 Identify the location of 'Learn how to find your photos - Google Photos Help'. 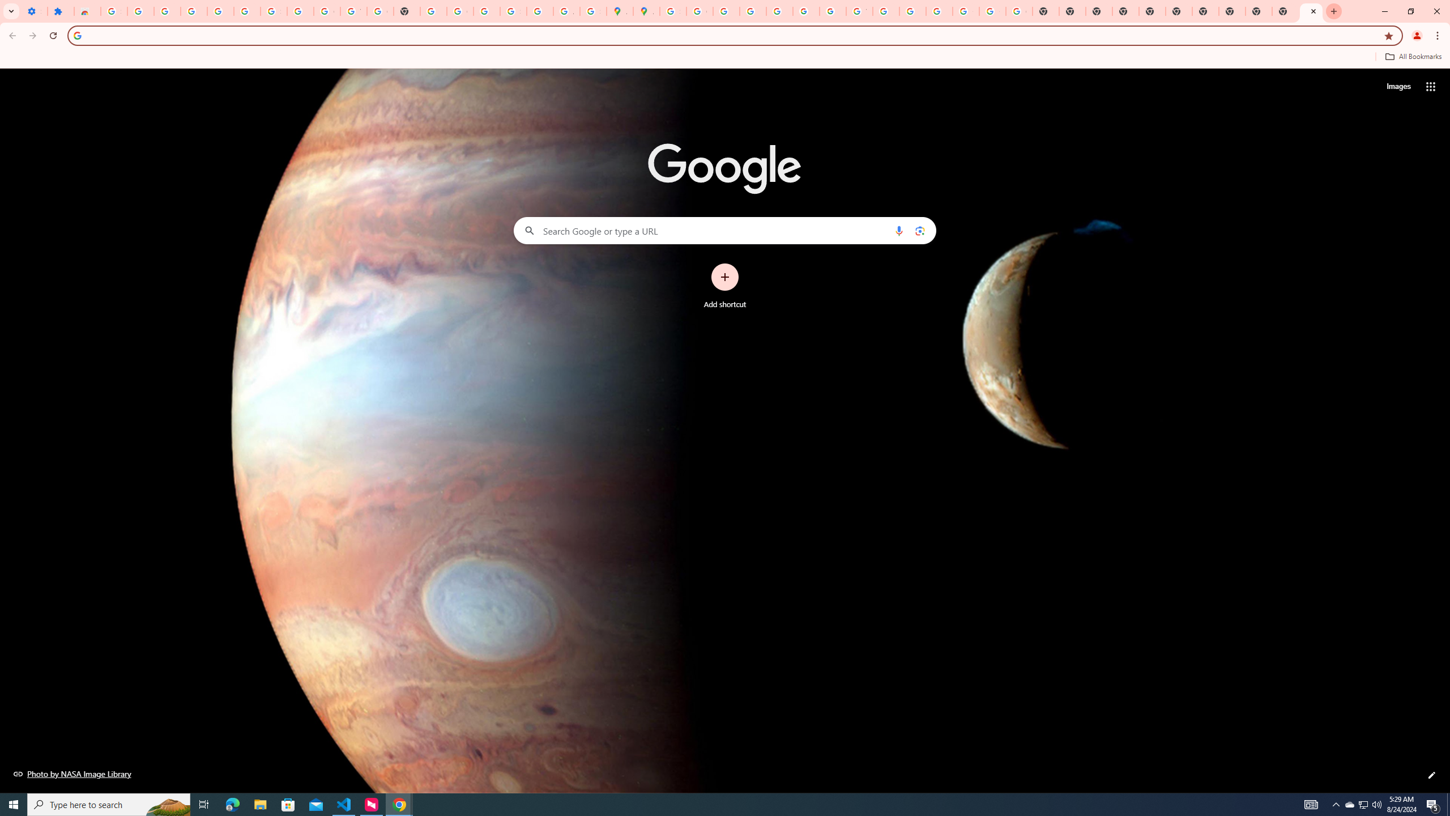
(220, 11).